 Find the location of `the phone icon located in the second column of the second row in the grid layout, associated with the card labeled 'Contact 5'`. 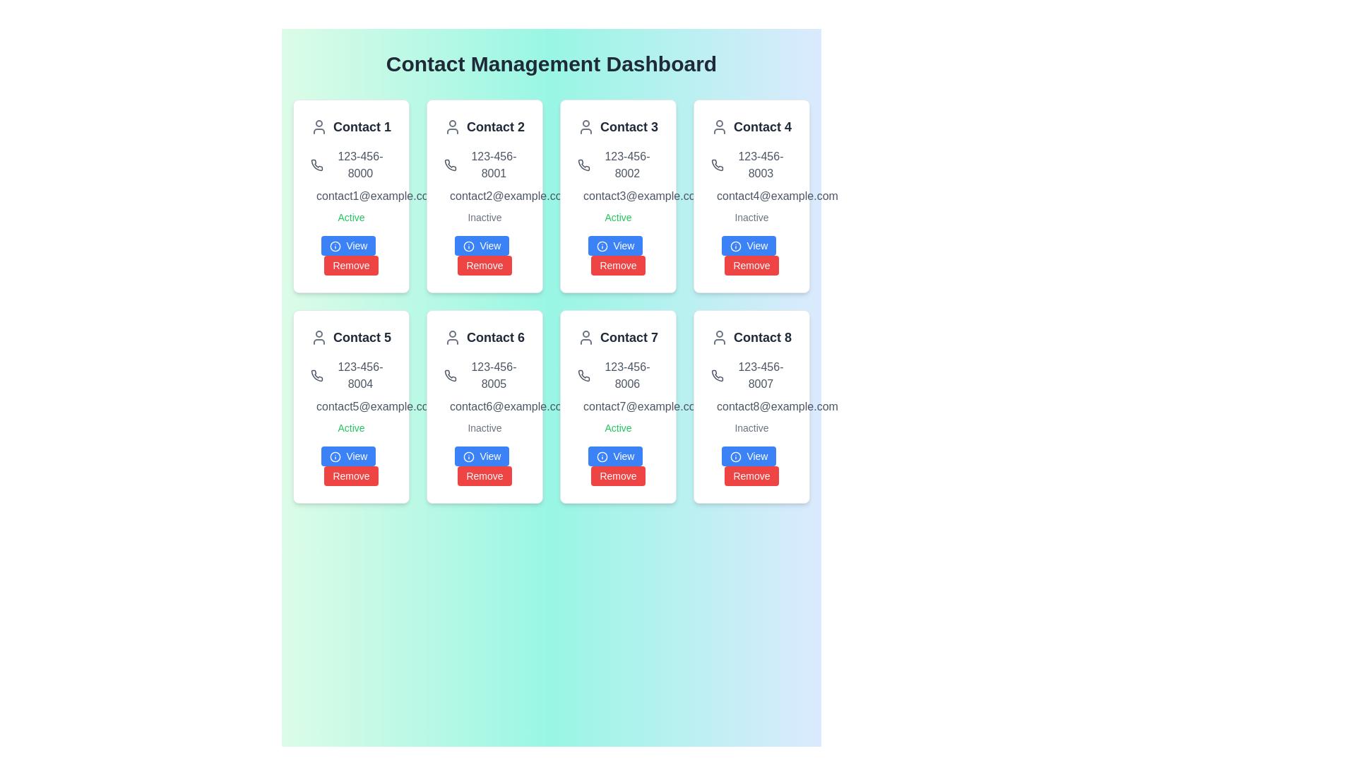

the phone icon located in the second column of the second row in the grid layout, associated with the card labeled 'Contact 5' is located at coordinates (316, 375).